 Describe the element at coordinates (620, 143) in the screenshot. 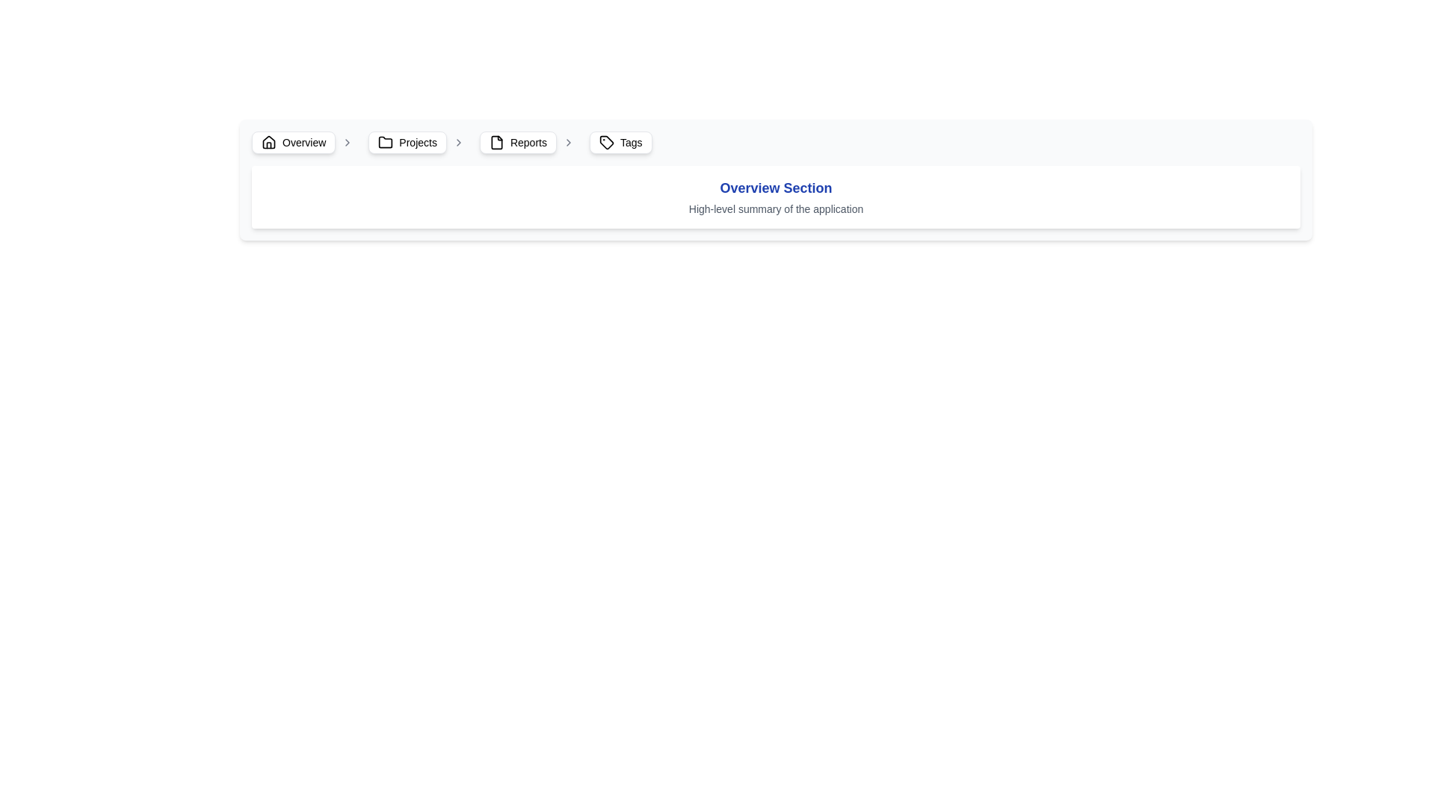

I see `the fourth button in the horizontal navigation menu` at that location.